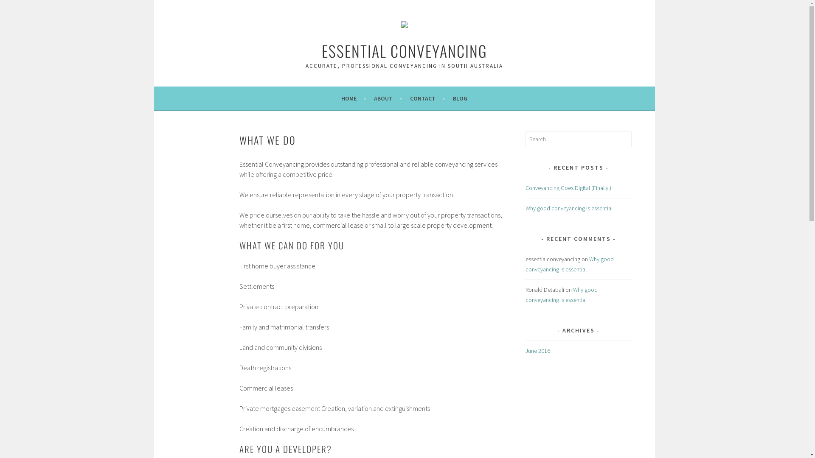  I want to click on 'BLOG', so click(460, 98).